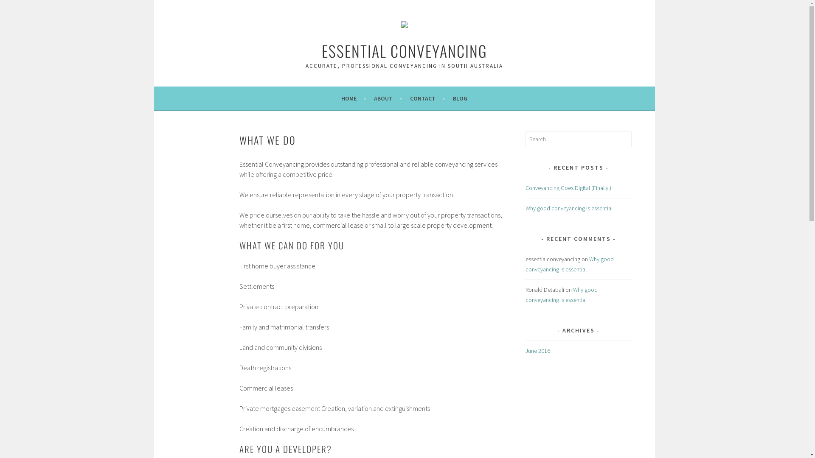  I want to click on 'BLOG', so click(460, 98).